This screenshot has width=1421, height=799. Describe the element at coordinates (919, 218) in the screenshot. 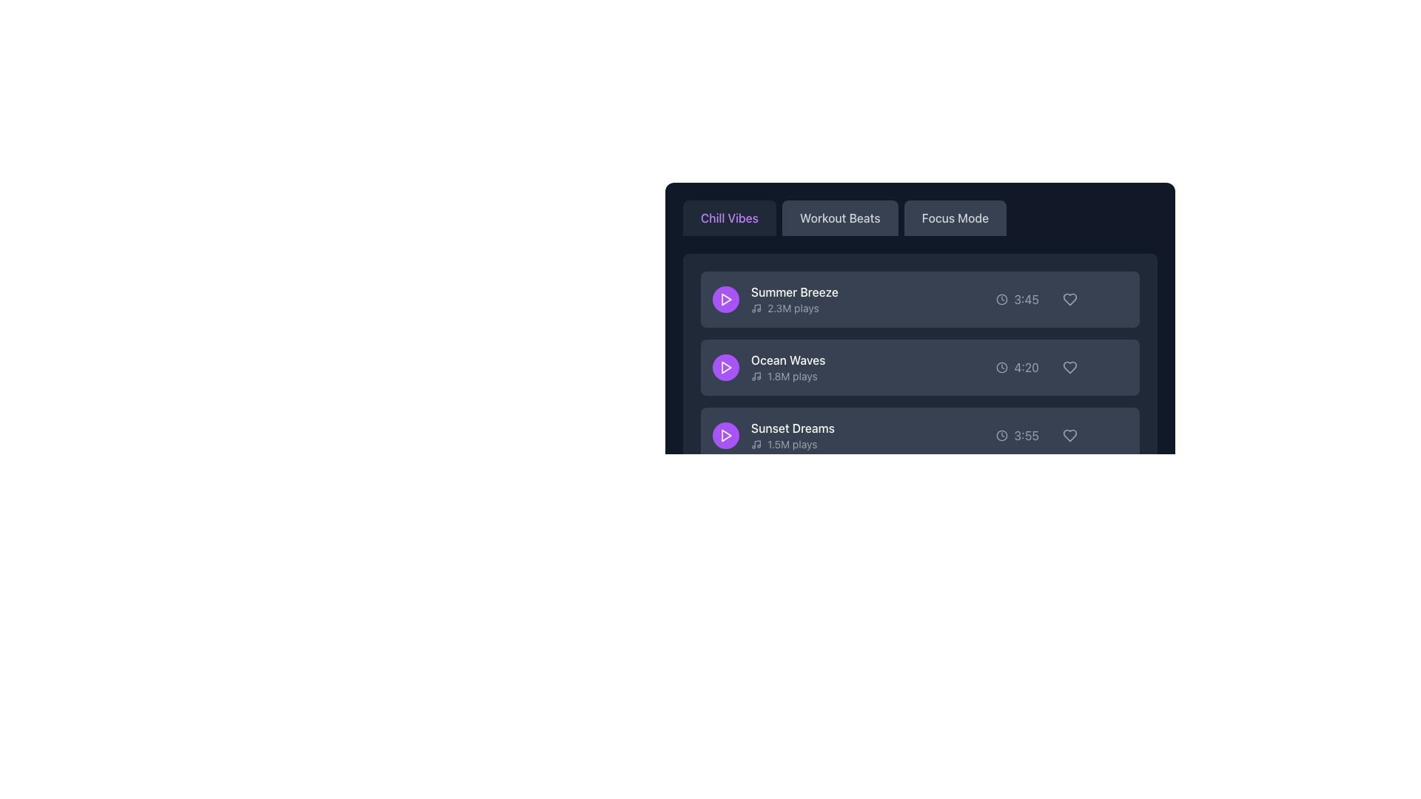

I see `the third tab labeled 'Focus Mode' to provide visual feedback, allowing users` at that location.